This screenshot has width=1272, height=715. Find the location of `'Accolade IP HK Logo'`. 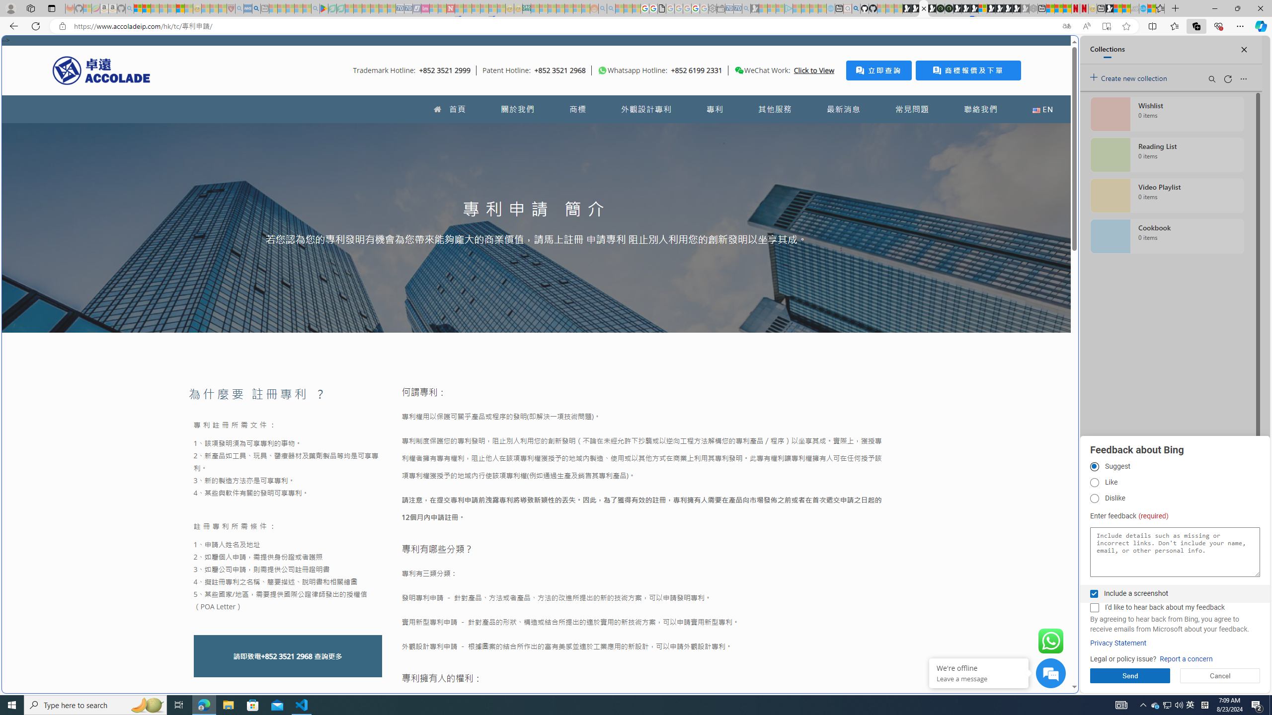

'Accolade IP HK Logo' is located at coordinates (101, 70).